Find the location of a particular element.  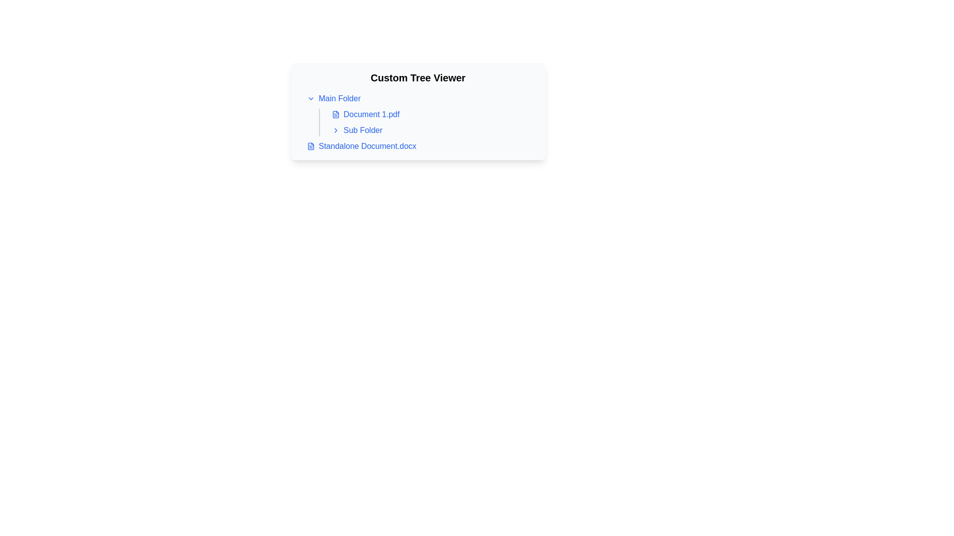

text label positioned at the top of the card or panel, which serves as a title for the content below it is located at coordinates (418, 77).